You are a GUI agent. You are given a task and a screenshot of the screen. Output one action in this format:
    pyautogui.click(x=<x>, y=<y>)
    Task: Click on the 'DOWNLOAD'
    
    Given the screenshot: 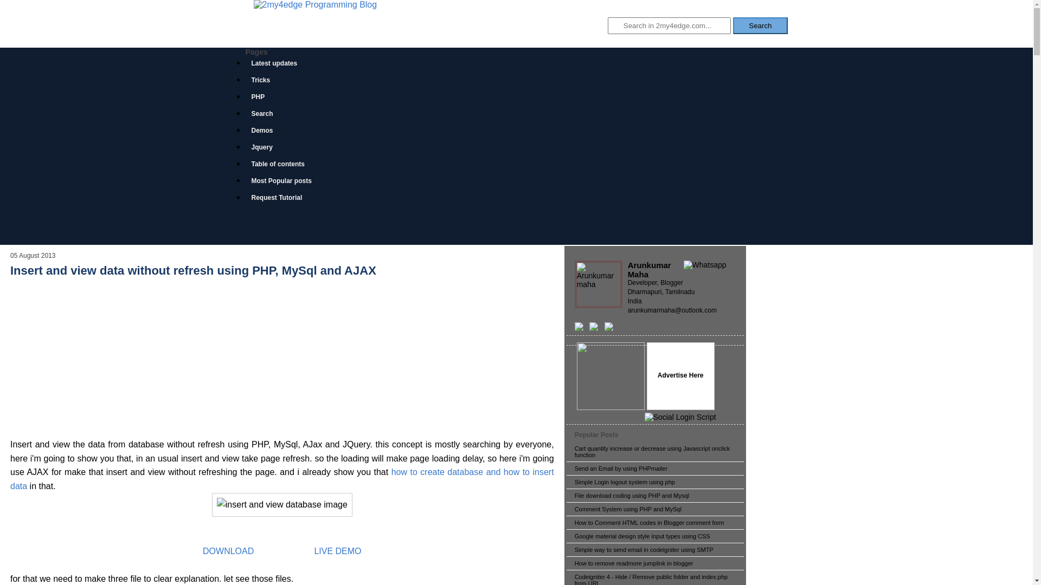 What is the action you would take?
    pyautogui.click(x=228, y=551)
    